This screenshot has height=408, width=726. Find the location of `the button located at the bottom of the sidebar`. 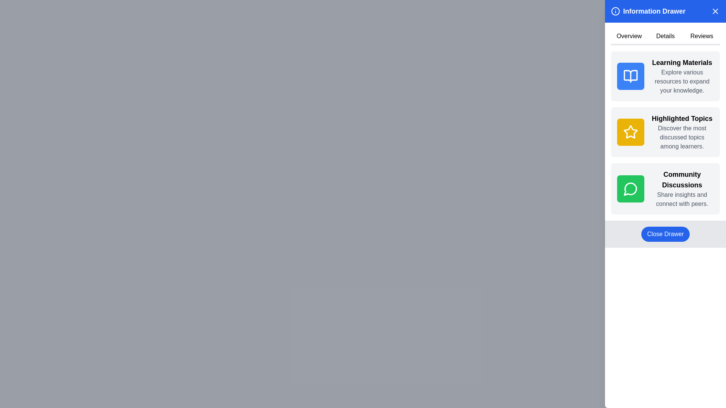

the button located at the bottom of the sidebar is located at coordinates (664, 234).